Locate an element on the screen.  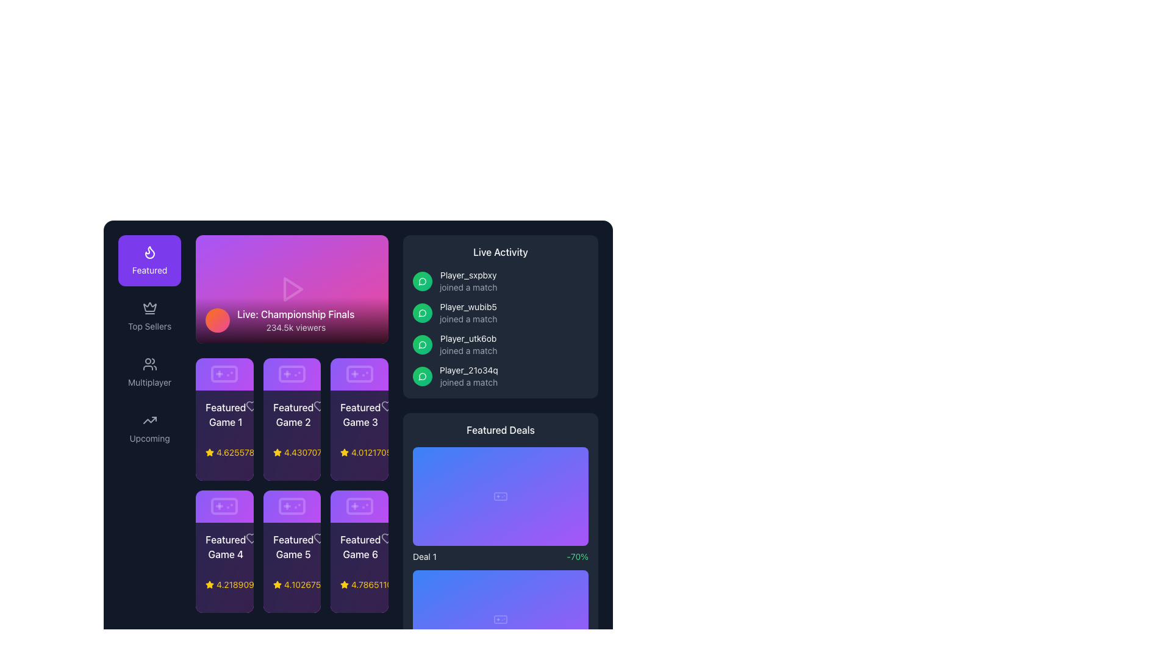
the game item represented by the yellow star rating display located under 'Featured Game 4' in the bottom-left of the grid layout is located at coordinates (265, 584).